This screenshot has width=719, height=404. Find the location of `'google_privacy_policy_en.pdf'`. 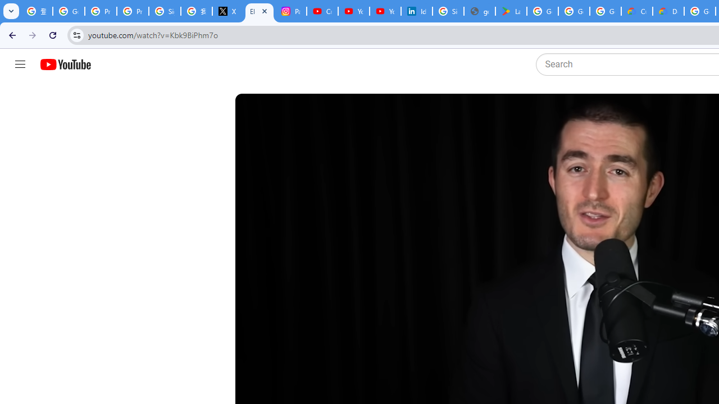

'google_privacy_policy_en.pdf' is located at coordinates (479, 11).